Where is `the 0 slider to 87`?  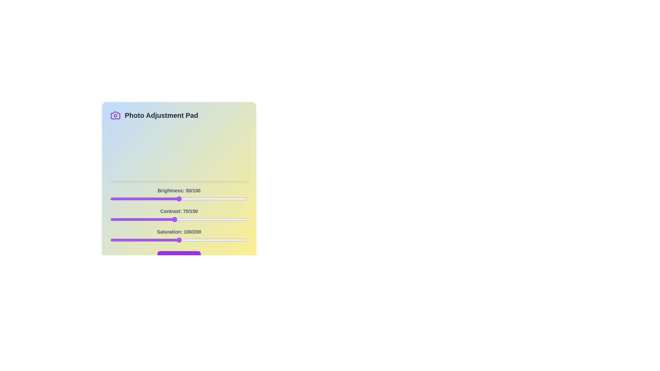 the 0 slider to 87 is located at coordinates (230, 199).